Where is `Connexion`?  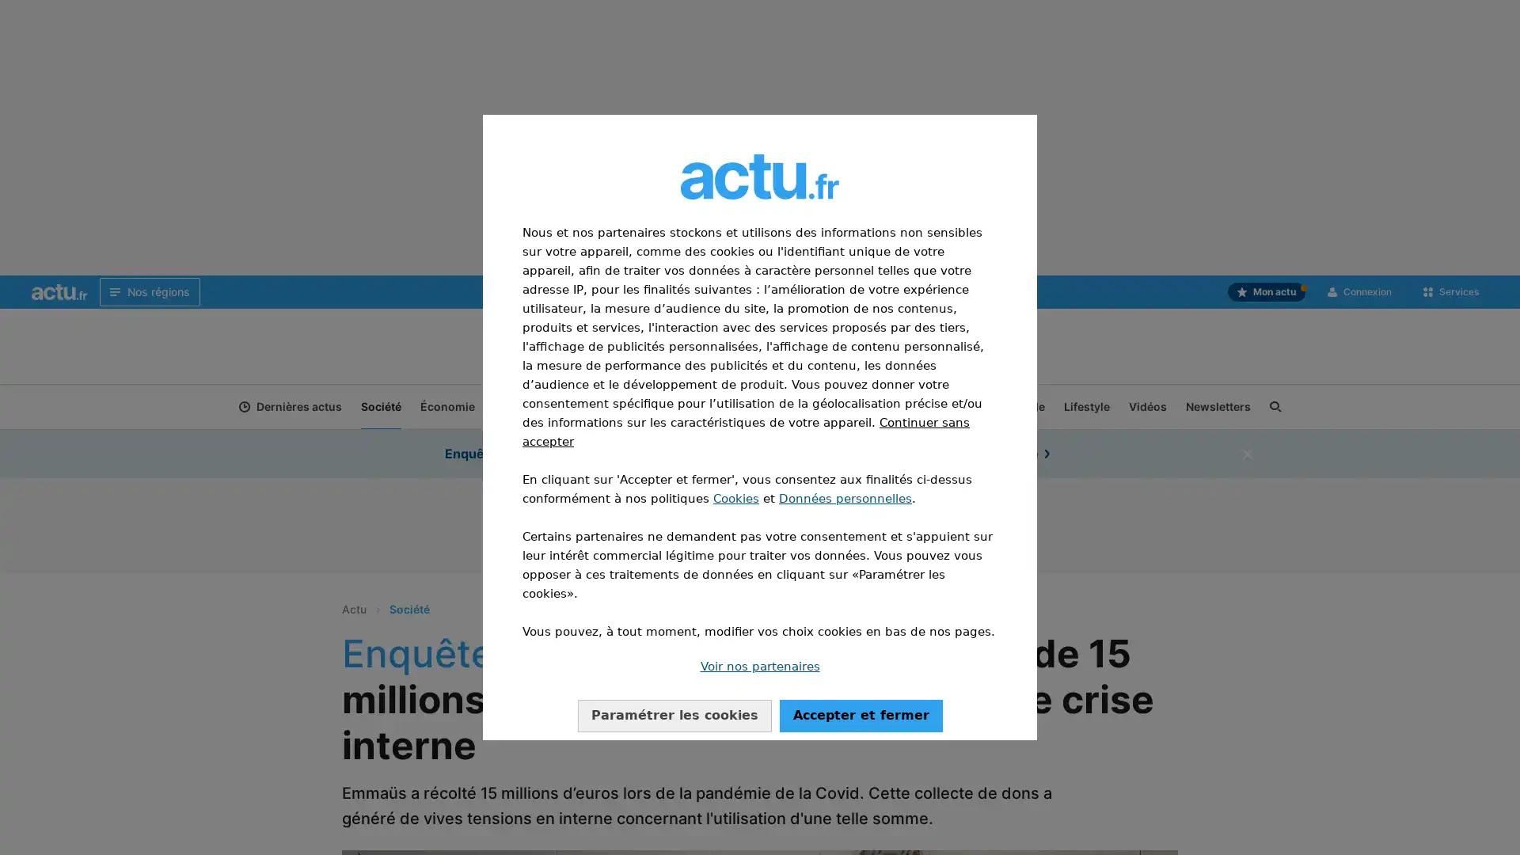 Connexion is located at coordinates (1358, 292).